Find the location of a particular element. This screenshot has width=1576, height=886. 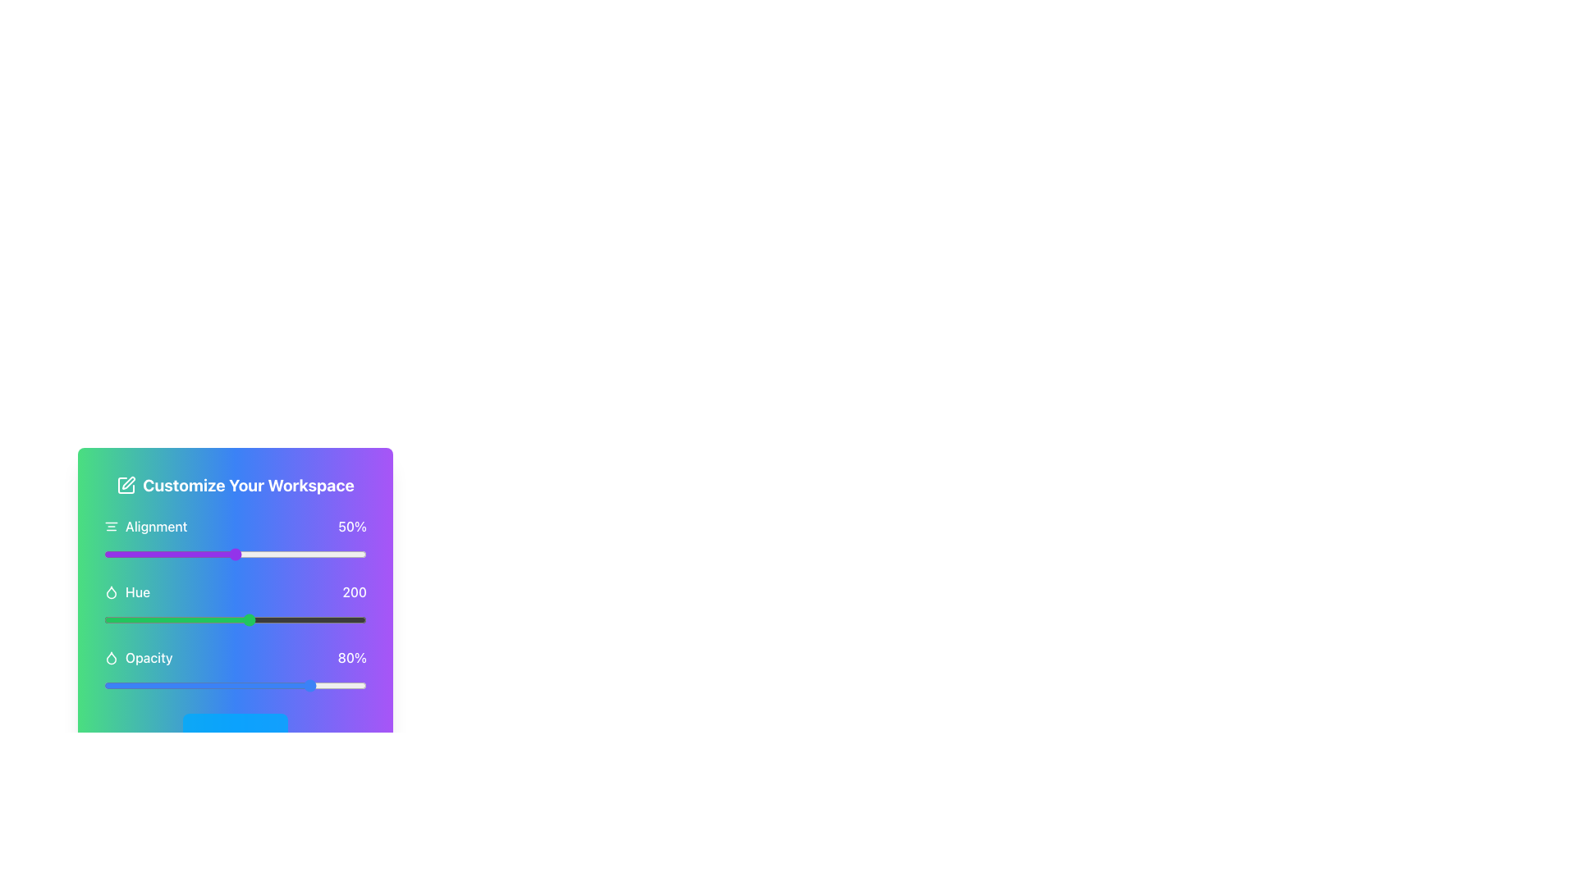

the alignment icon located to the left of the word 'Alignment', which features three horizontal lines of varying lengths on a green background is located at coordinates (110, 526).